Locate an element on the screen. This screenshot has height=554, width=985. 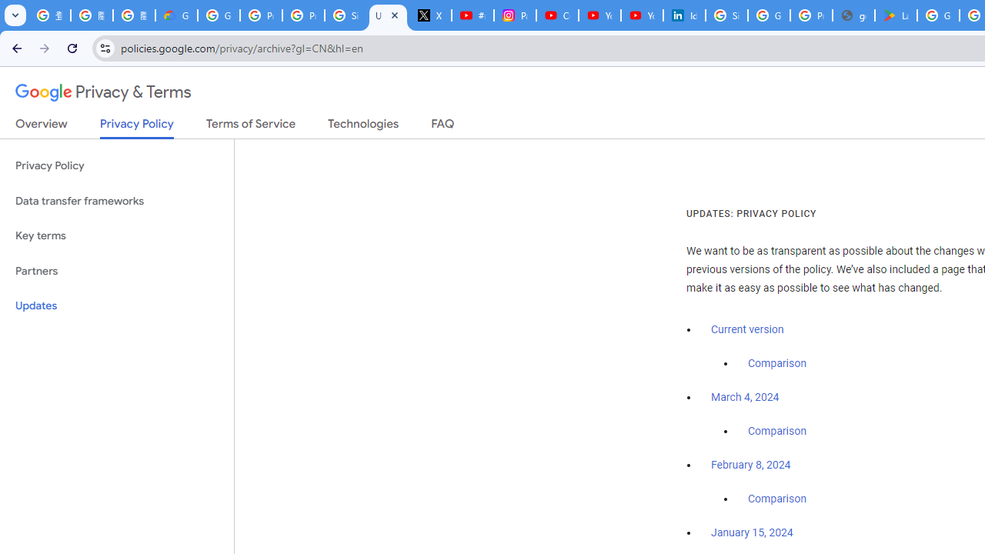
'Partners' is located at coordinates (116, 270).